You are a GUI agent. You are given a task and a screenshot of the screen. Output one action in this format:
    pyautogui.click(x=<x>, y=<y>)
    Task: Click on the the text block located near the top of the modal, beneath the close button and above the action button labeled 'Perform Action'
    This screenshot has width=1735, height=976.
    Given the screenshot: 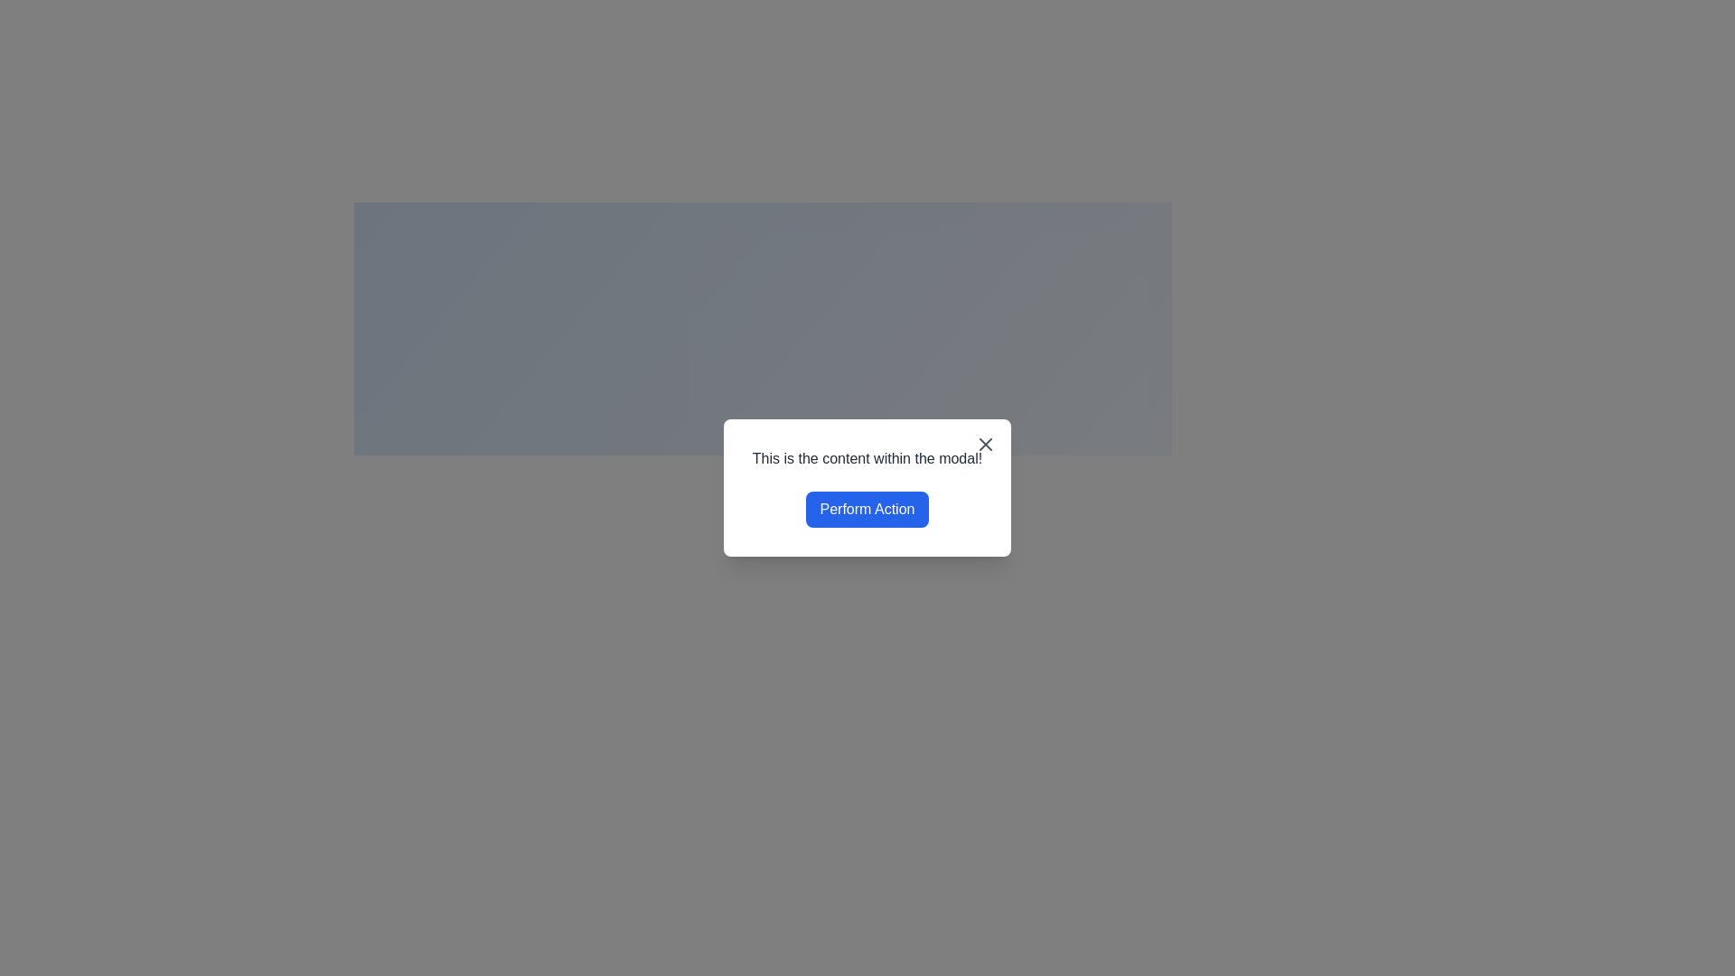 What is the action you would take?
    pyautogui.click(x=867, y=458)
    